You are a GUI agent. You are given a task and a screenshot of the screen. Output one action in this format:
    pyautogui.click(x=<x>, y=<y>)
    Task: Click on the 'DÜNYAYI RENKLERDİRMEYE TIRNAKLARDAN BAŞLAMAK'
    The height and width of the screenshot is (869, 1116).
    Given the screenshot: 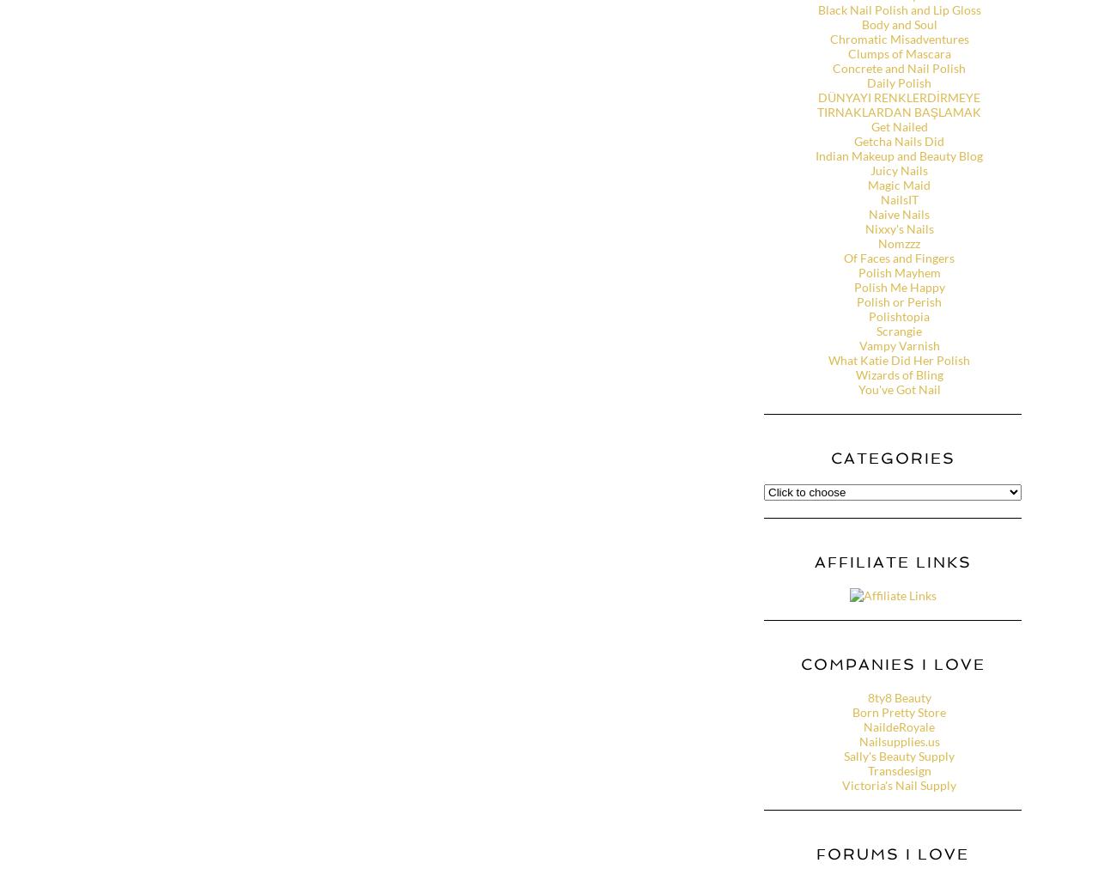 What is the action you would take?
    pyautogui.click(x=899, y=104)
    